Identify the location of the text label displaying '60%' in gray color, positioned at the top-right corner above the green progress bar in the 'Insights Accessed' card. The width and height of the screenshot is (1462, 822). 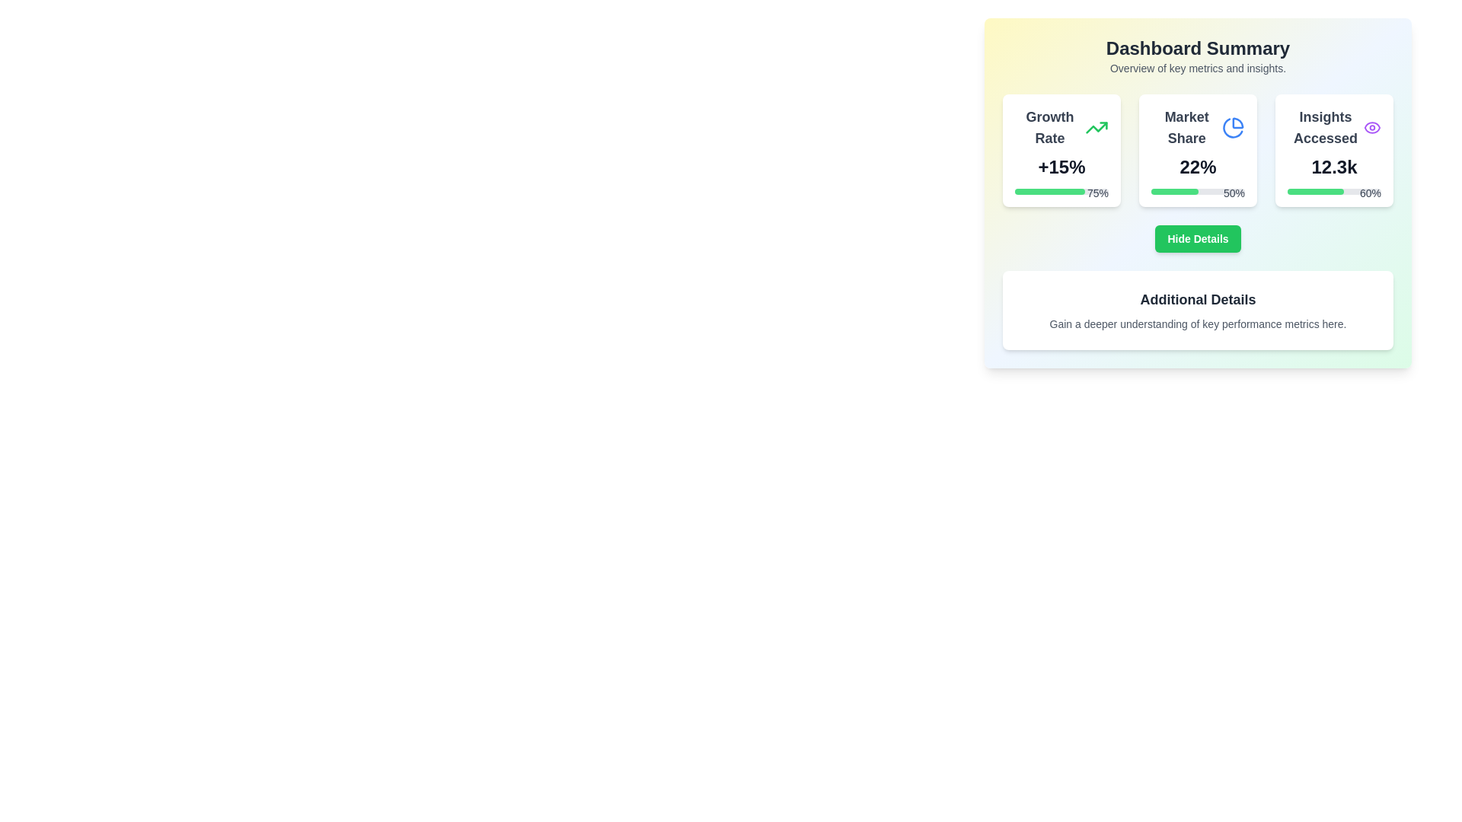
(1371, 193).